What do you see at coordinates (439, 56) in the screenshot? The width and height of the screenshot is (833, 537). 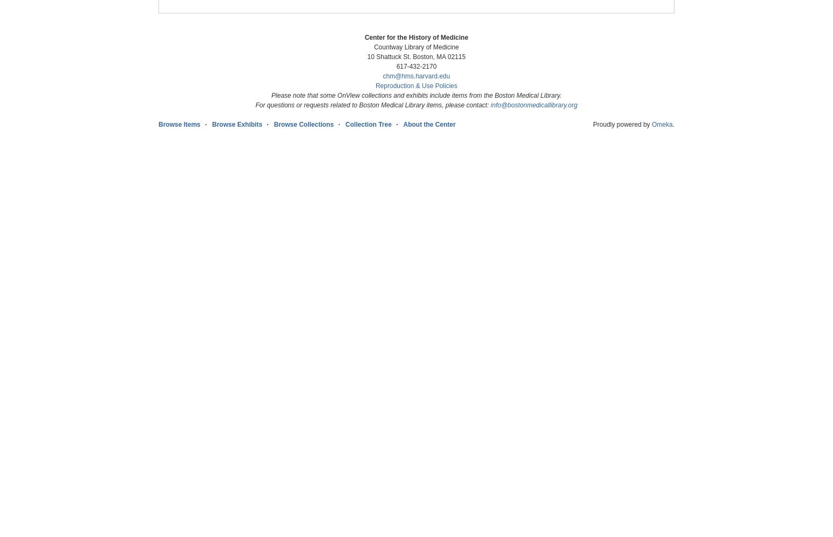 I see `'Boston, MA 02115'` at bounding box center [439, 56].